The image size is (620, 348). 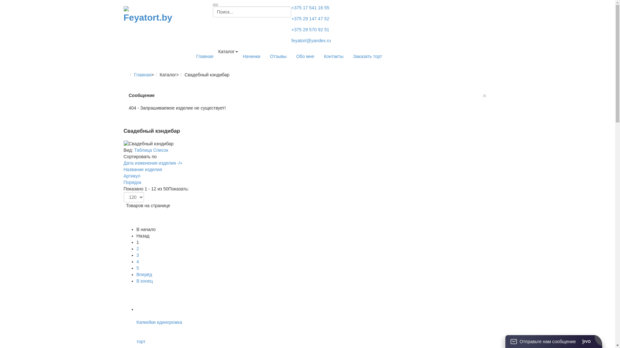 I want to click on '3', so click(x=137, y=255).